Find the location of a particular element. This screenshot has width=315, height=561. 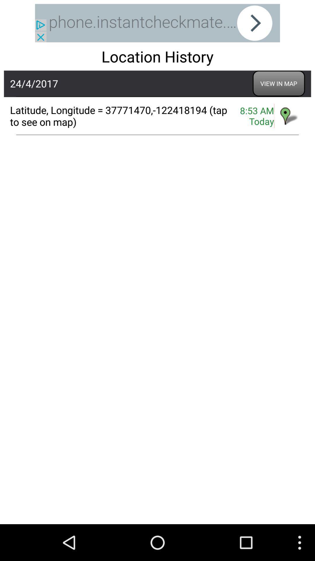

visit advertised site is located at coordinates (157, 23).